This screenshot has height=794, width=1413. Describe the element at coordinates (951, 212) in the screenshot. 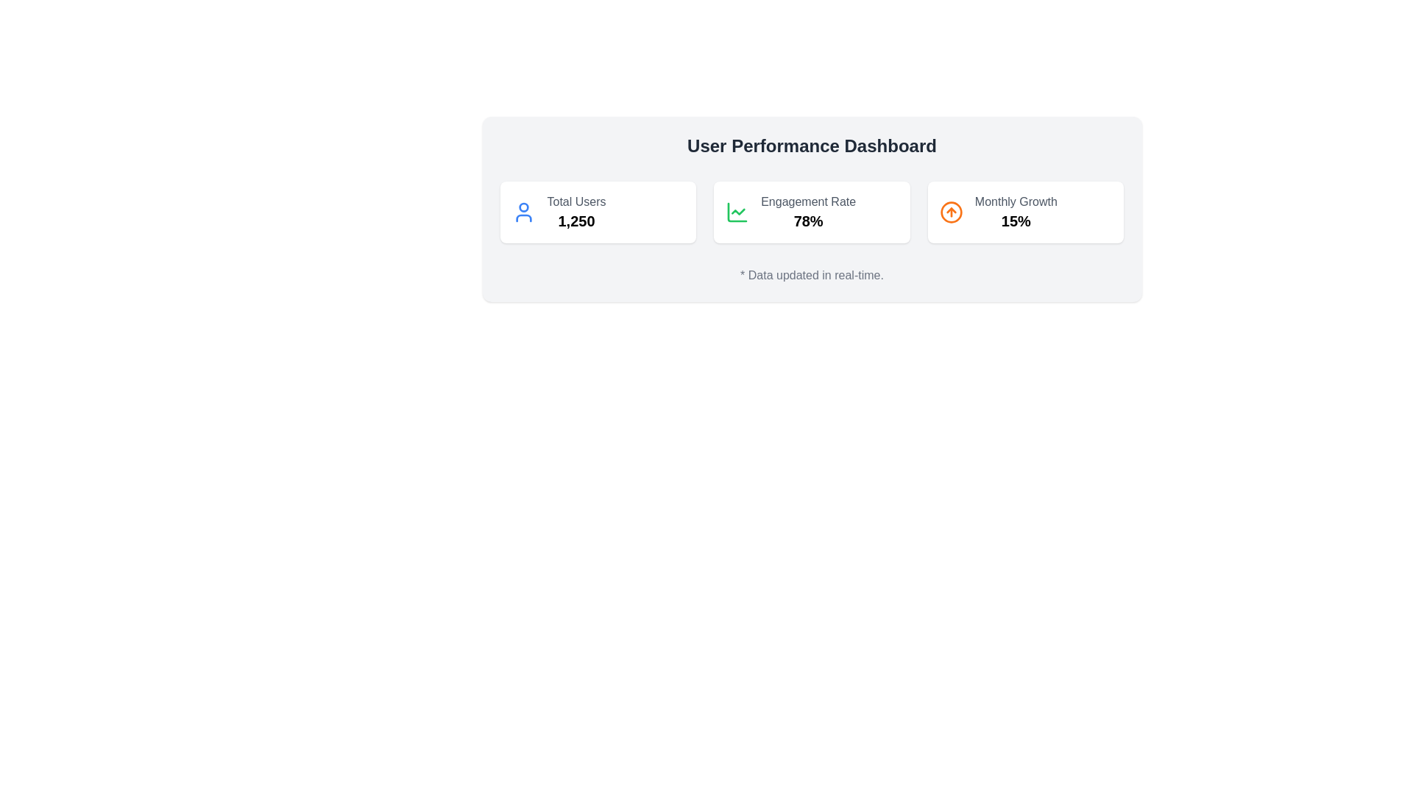

I see `the growth icon located at the top-left corner of the 'Monthly Growth' card, adjacent to the text 'Monthly Growth' and '15%'` at that location.